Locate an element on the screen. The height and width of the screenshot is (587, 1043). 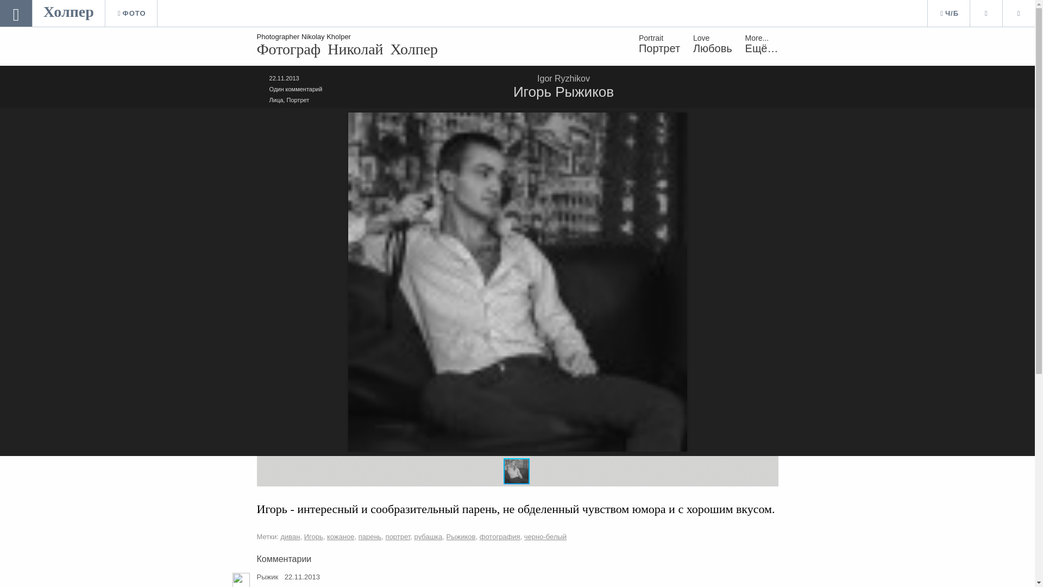
'22.11.2013' is located at coordinates (284, 77).